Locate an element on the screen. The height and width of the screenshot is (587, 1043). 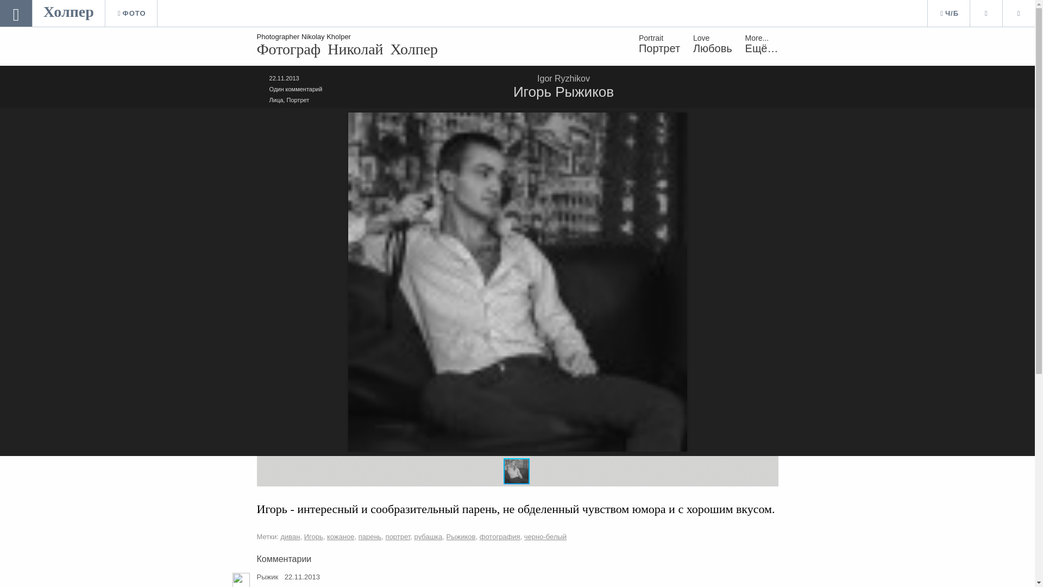
'22.11.2013' is located at coordinates (284, 77).